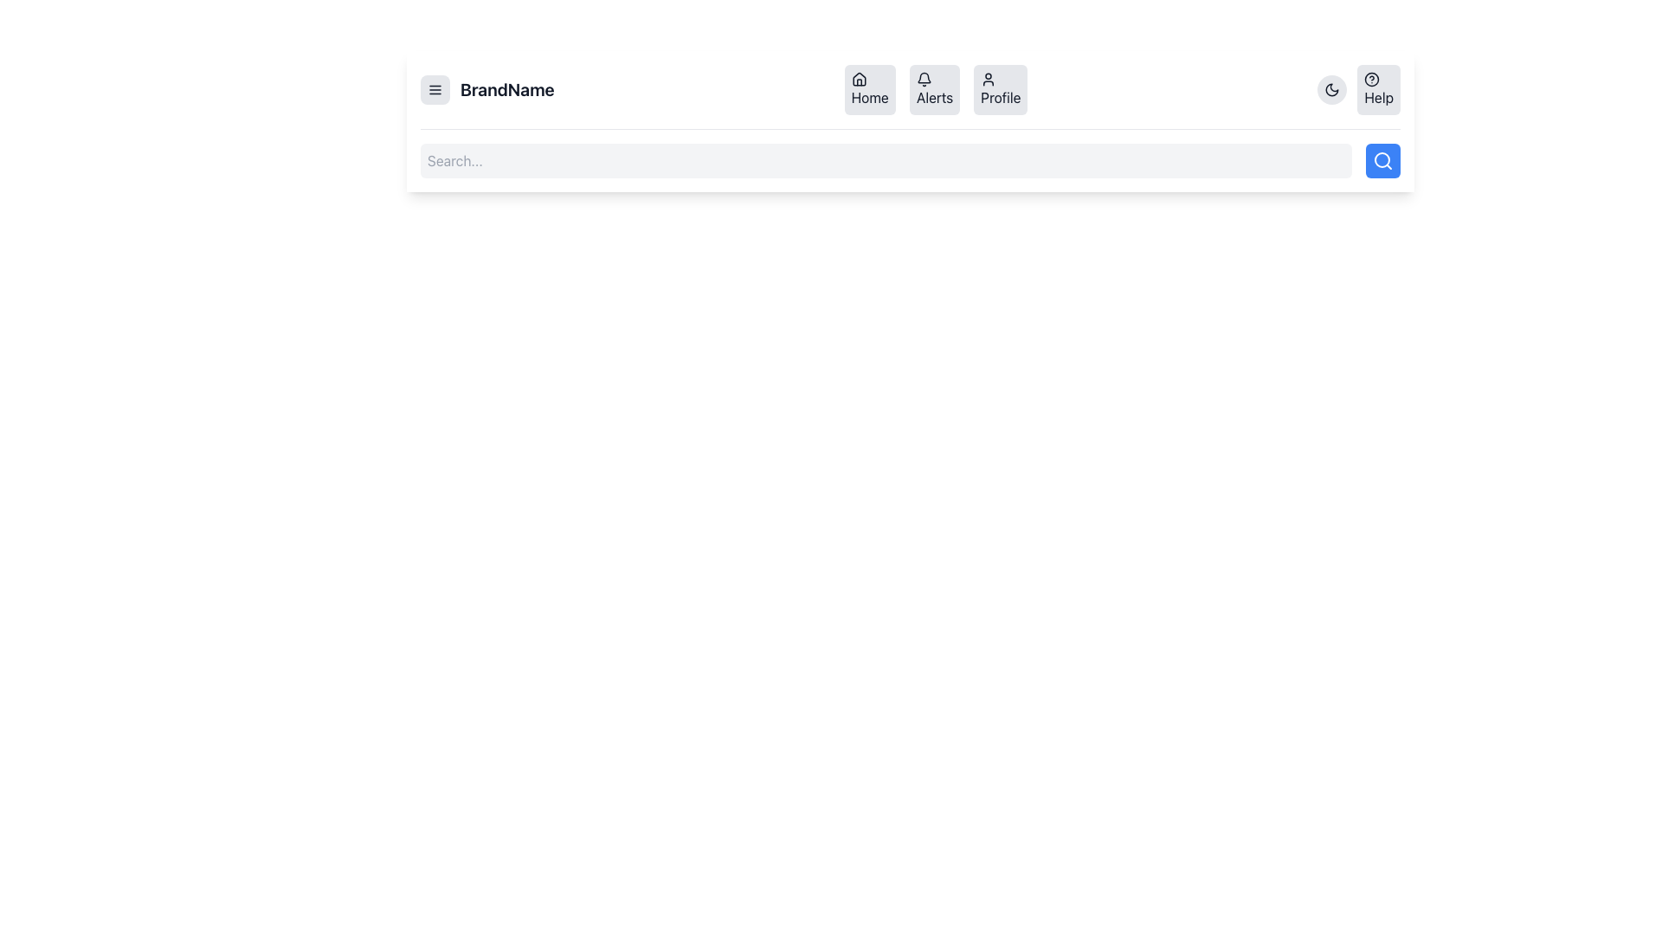  What do you see at coordinates (859, 79) in the screenshot?
I see `the stylized house icon within the 'Home' button located in the top-right section of the header bar` at bounding box center [859, 79].